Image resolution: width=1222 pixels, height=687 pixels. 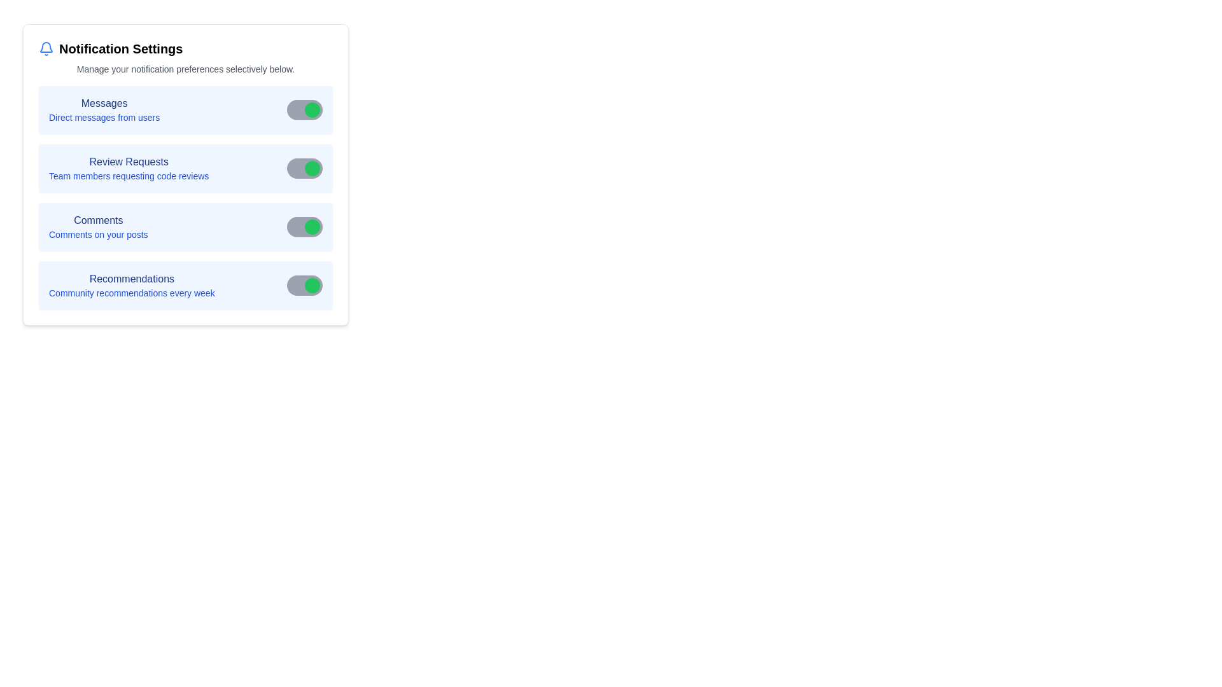 I want to click on the toggle switch in the second row of the notification settings panel for 'Review Requests' to switch it on or off, so click(x=304, y=168).